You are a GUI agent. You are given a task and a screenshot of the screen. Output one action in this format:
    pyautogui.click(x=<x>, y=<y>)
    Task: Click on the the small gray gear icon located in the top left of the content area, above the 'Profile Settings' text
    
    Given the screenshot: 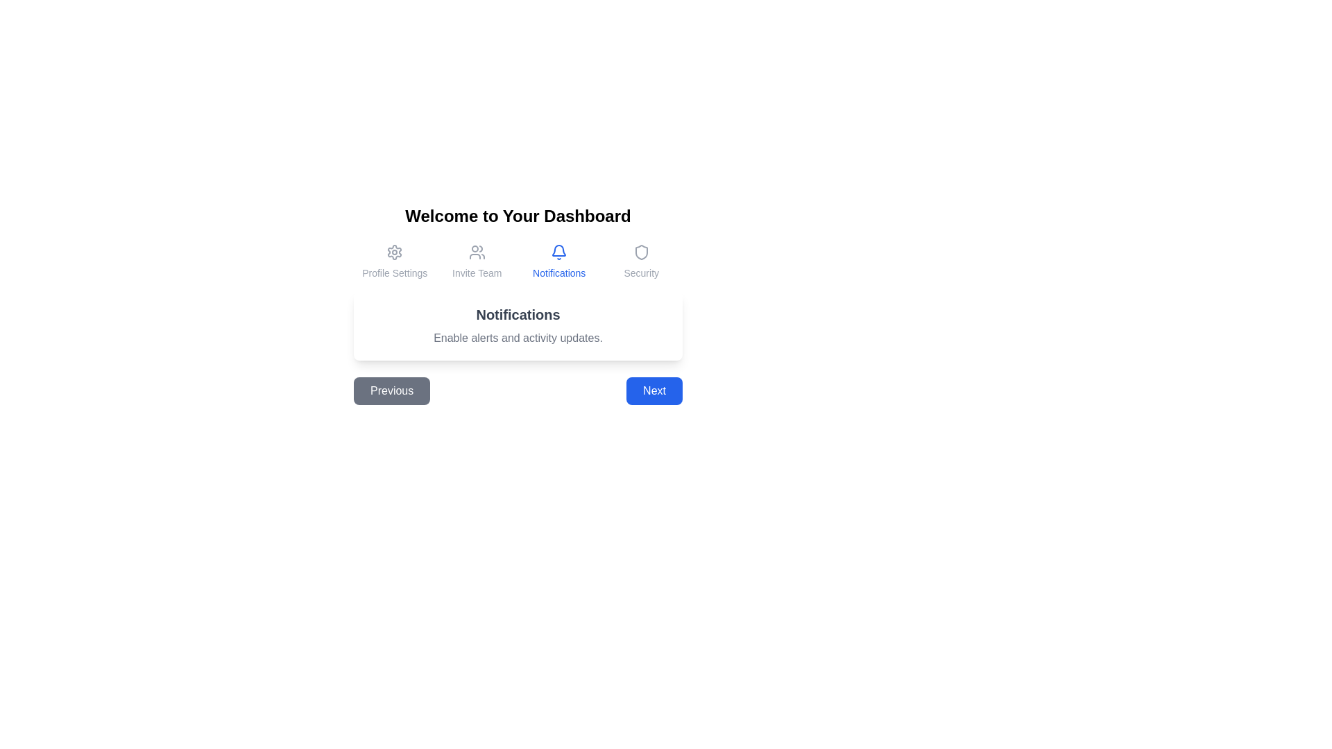 What is the action you would take?
    pyautogui.click(x=394, y=252)
    